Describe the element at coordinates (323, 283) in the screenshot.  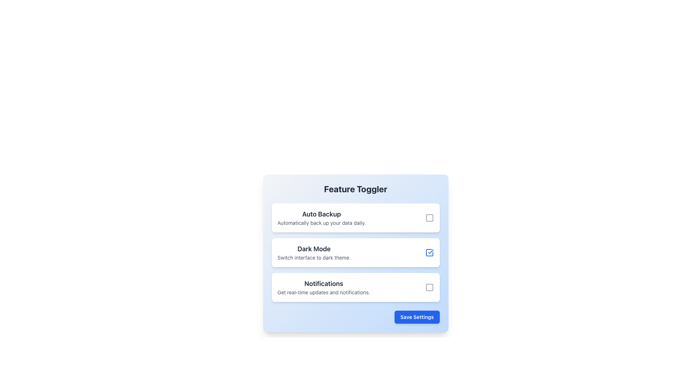
I see `text label that serves as the header for the 'Notifications' toggle feature, located centrally in the third card of the toggle features list, above the descriptive text 'Get real-time updates and notifications.'` at that location.